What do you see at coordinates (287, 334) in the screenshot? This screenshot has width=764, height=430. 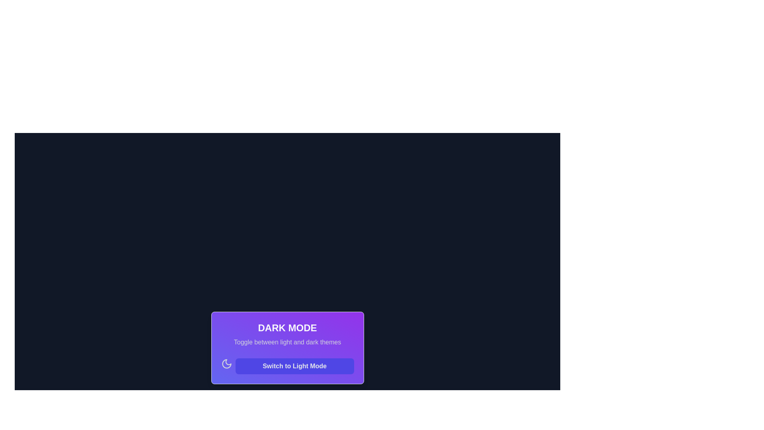 I see `the static text block that provides a label and explanatory text for the dark mode toggle feature, located above the 'Switch to Light Mode' button and next to the moon icon` at bounding box center [287, 334].